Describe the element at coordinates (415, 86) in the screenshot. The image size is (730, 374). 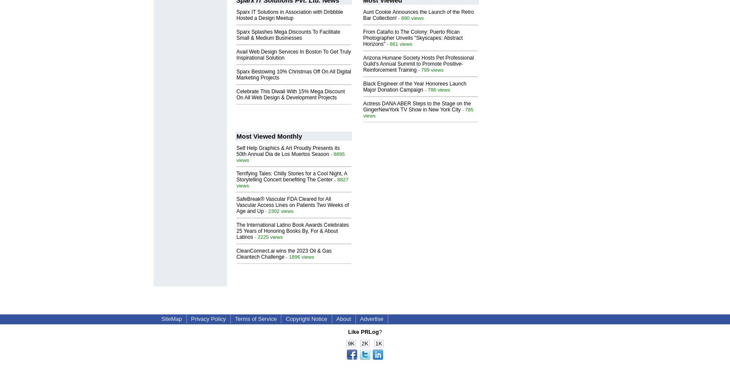
I see `'Black Engineer of the Year Honorees Launch Major Donation Campaign'` at that location.